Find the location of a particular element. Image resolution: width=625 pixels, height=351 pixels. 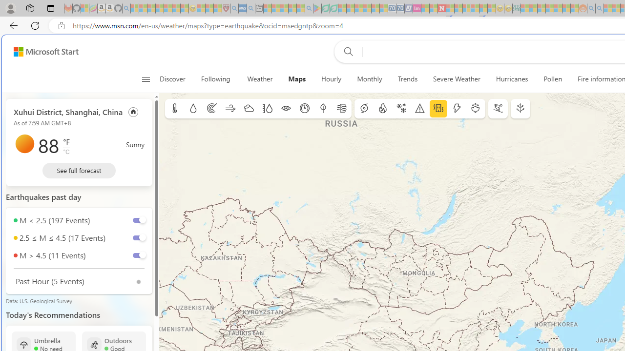

'Hourly' is located at coordinates (332, 79).